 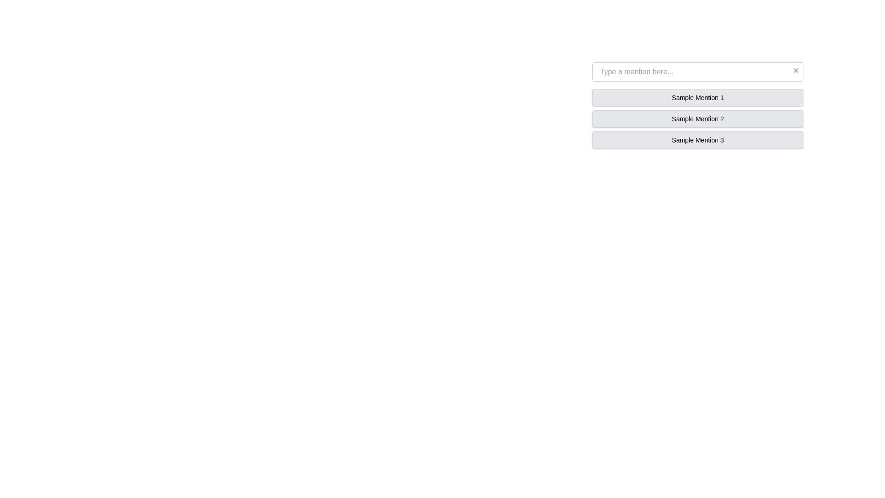 What do you see at coordinates (697, 119) in the screenshot?
I see `the button labeled 'Sample Mention 2', which is the second button among three vertically stacked buttons styled with rounded corners and a light gray background` at bounding box center [697, 119].